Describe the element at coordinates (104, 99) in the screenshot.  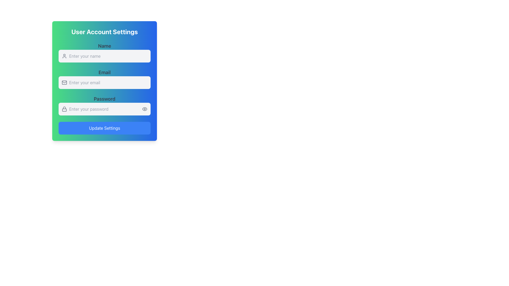
I see `the Text label that indicates where to enter the user's password, located above the password input field in the User Account Settings section` at that location.